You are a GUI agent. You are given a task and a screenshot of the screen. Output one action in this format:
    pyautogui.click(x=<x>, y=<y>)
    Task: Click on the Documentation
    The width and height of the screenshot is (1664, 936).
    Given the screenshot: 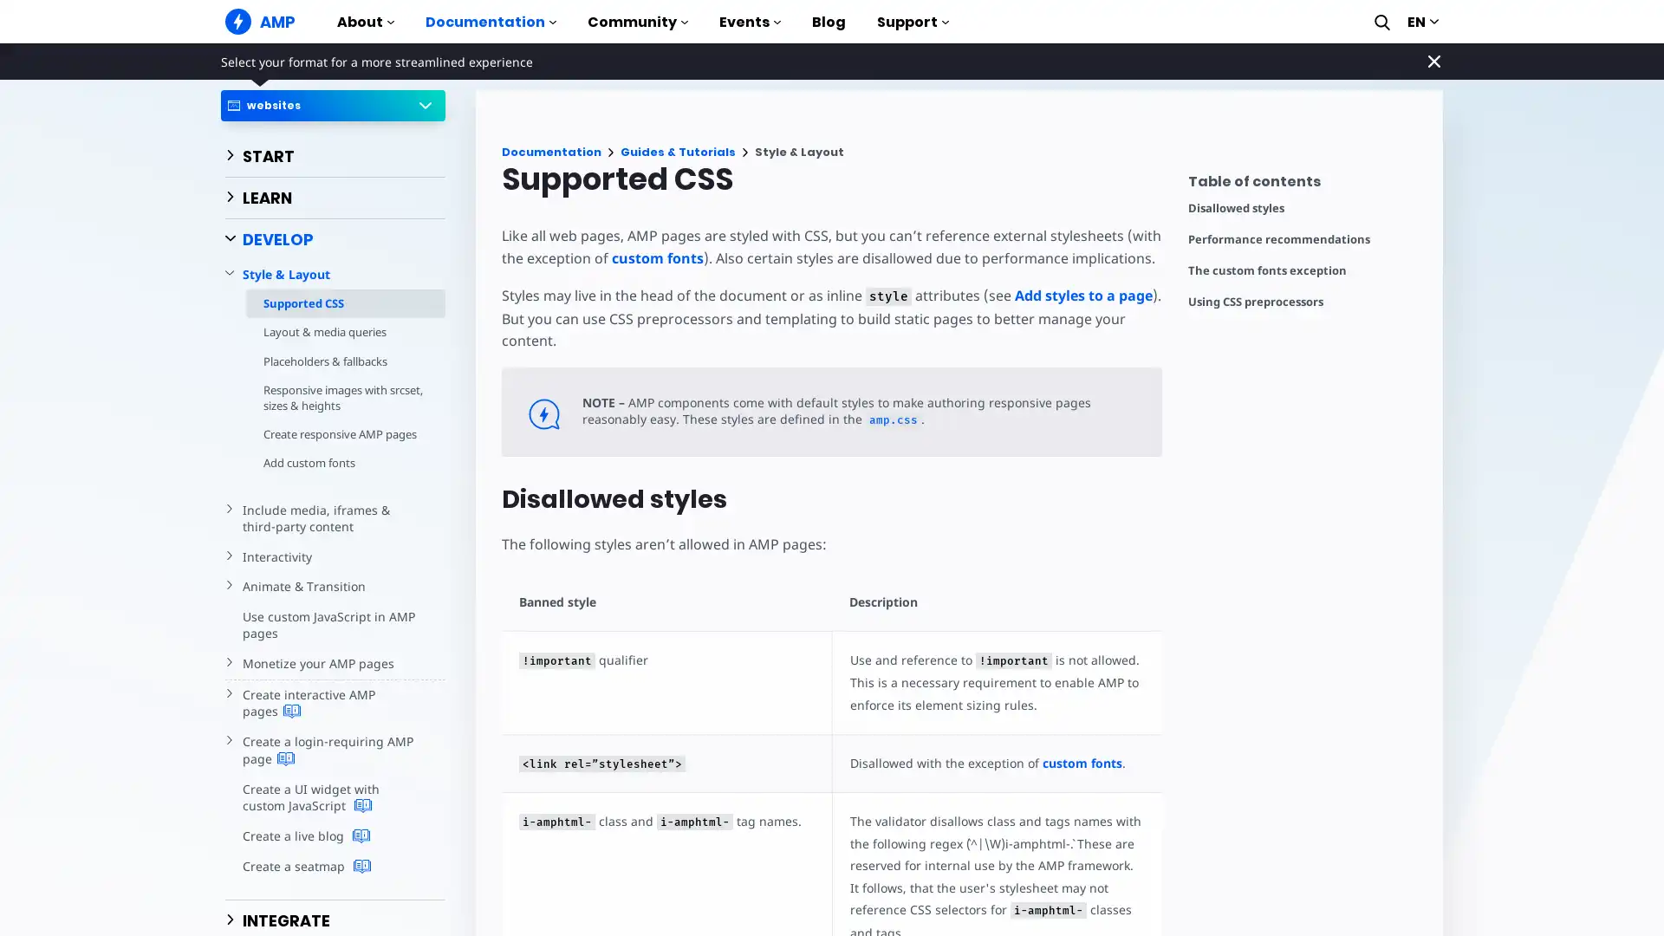 What is the action you would take?
    pyautogui.click(x=490, y=28)
    